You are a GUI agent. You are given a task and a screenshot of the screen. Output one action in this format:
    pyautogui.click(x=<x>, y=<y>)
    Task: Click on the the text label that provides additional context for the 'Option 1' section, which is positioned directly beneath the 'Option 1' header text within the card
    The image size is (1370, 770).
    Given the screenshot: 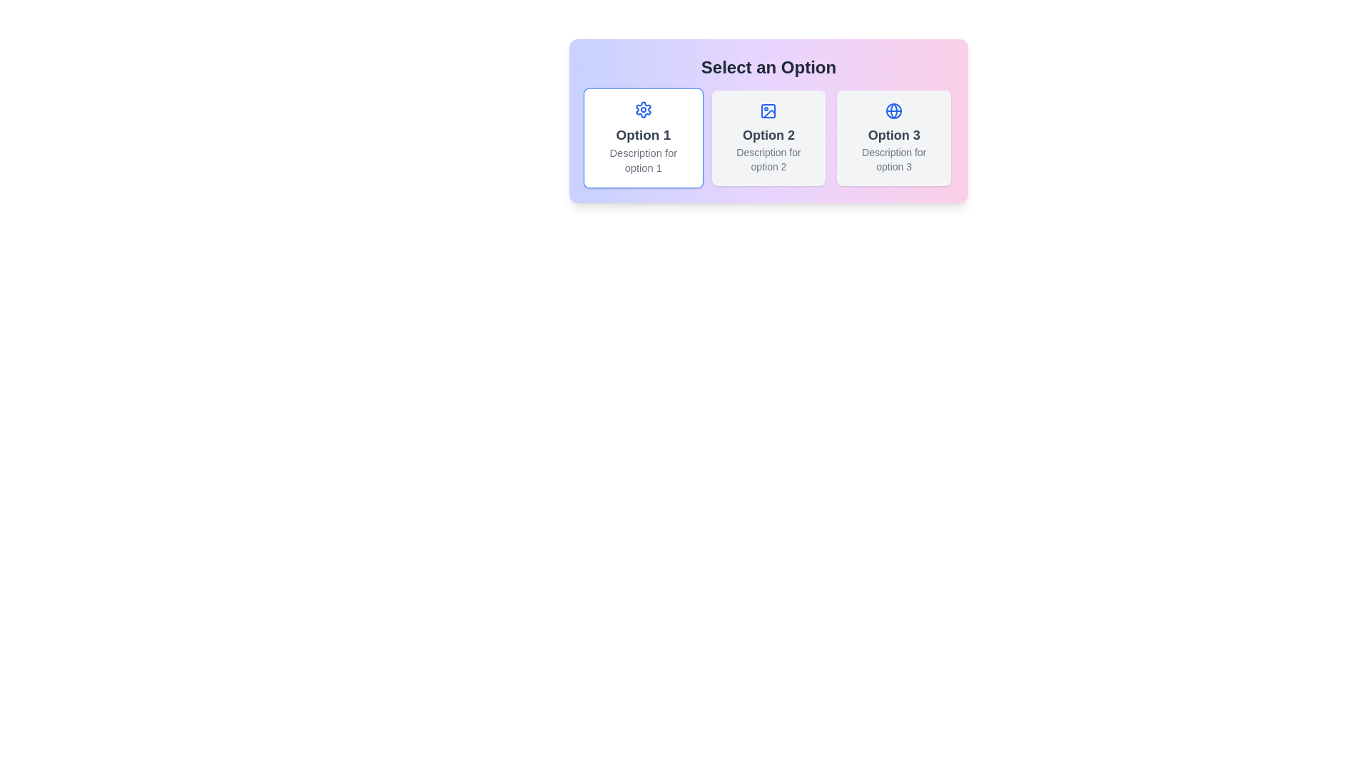 What is the action you would take?
    pyautogui.click(x=642, y=160)
    